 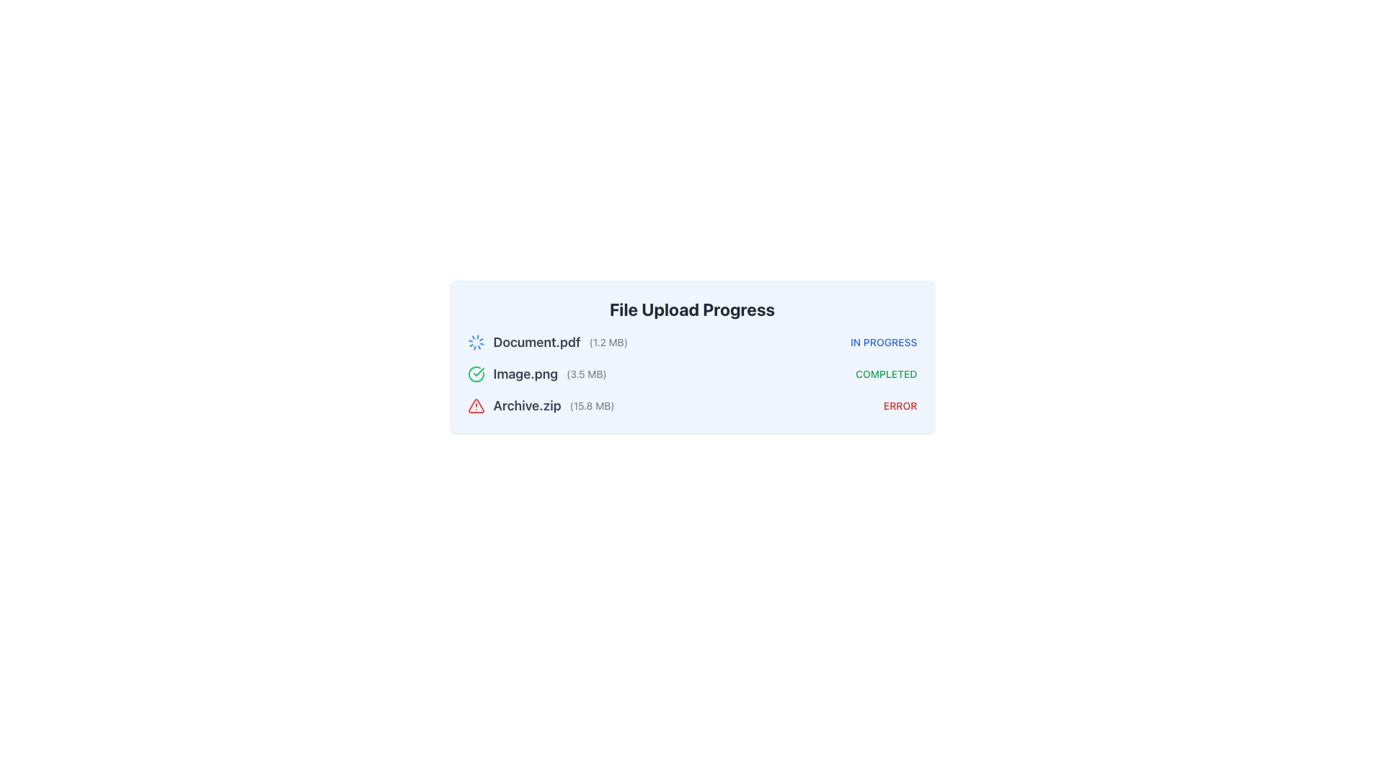 I want to click on the list item displaying 'Archive.zip' with an error indication, so click(x=540, y=406).